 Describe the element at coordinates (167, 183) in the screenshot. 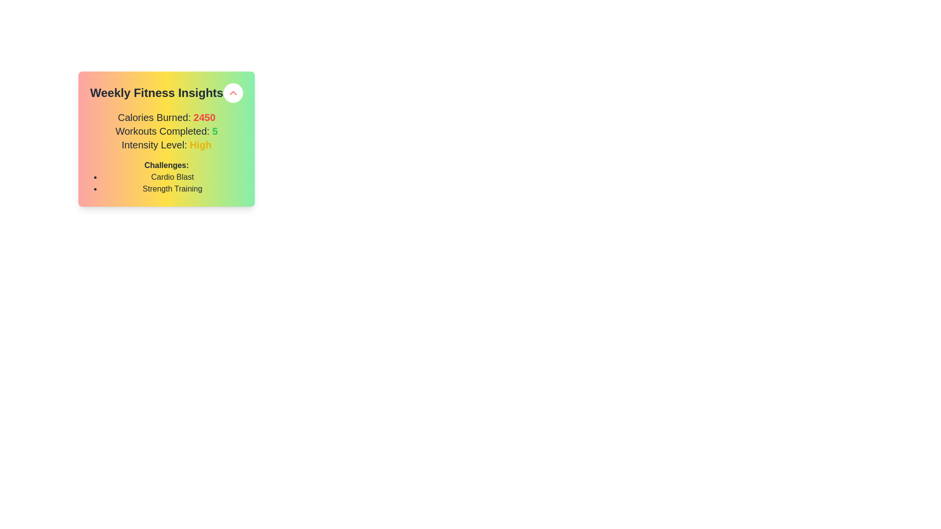

I see `the list items 'Cardio Blast' and 'Strength Training' in the 'Challenges:' section of the 'Weekly Fitness Insights' card` at that location.